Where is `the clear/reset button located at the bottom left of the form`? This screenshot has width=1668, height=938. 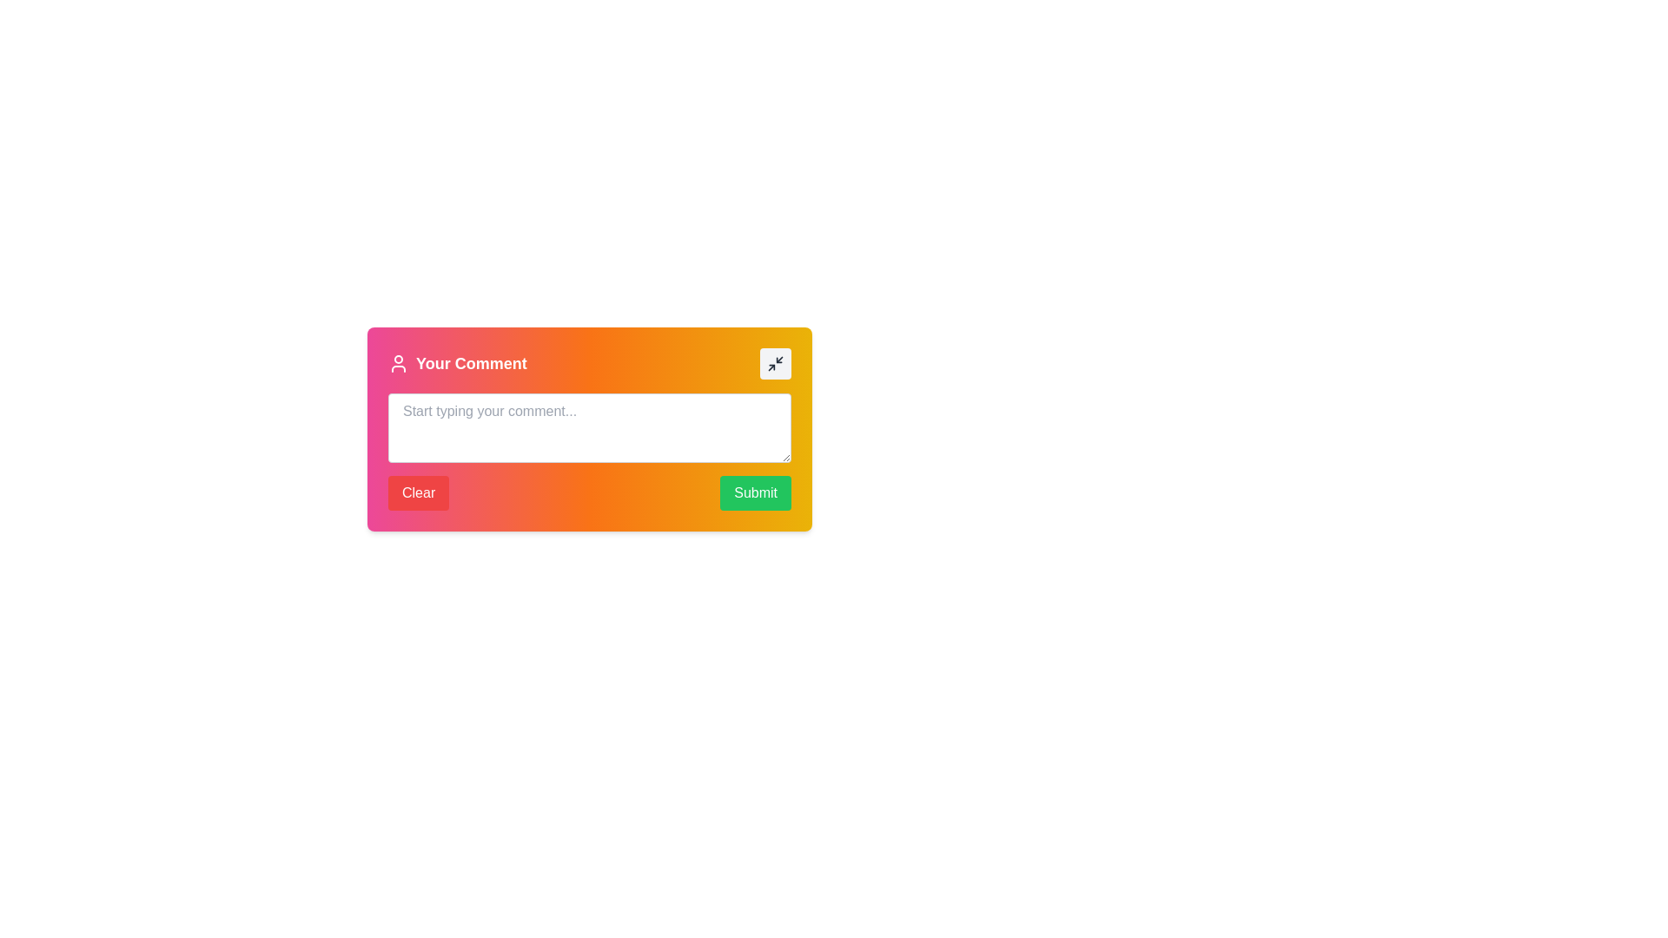 the clear/reset button located at the bottom left of the form is located at coordinates (419, 492).